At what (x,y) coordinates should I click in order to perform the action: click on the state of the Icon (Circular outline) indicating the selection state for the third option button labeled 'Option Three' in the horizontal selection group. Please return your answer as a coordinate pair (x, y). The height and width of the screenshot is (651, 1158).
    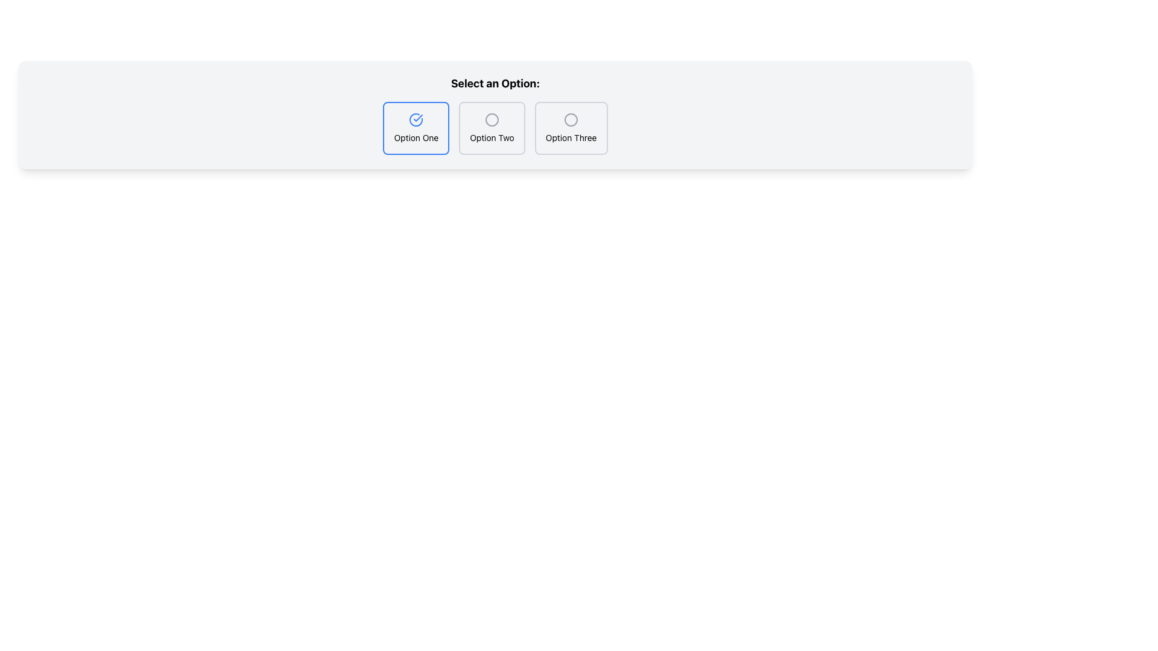
    Looking at the image, I should click on (571, 120).